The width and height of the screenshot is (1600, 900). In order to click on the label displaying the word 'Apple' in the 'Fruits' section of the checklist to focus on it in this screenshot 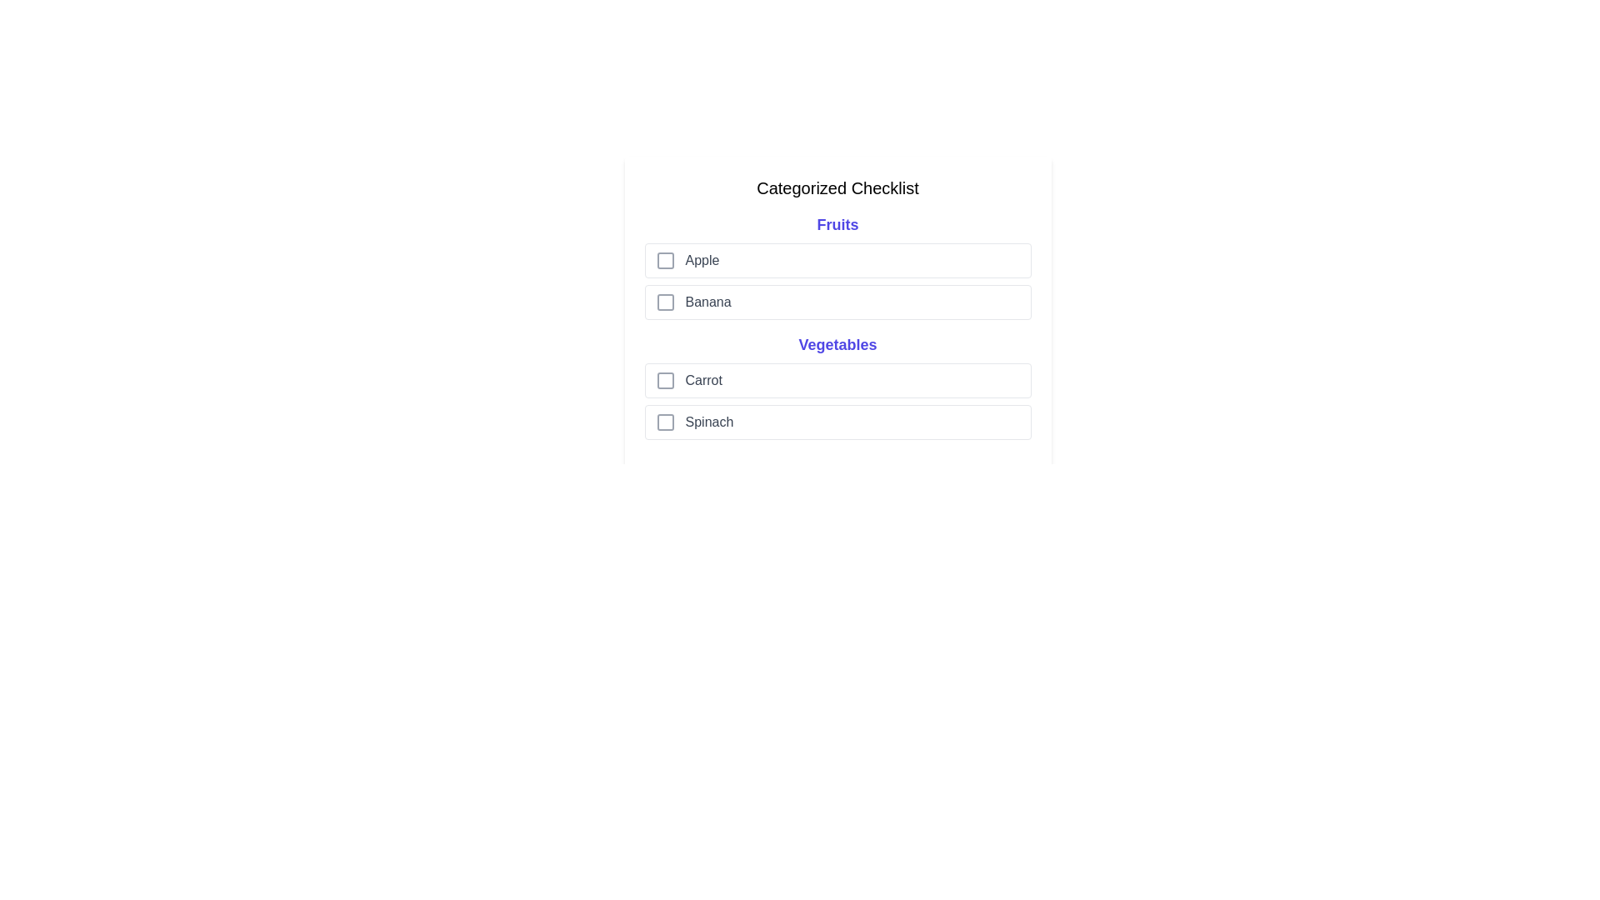, I will do `click(702, 260)`.